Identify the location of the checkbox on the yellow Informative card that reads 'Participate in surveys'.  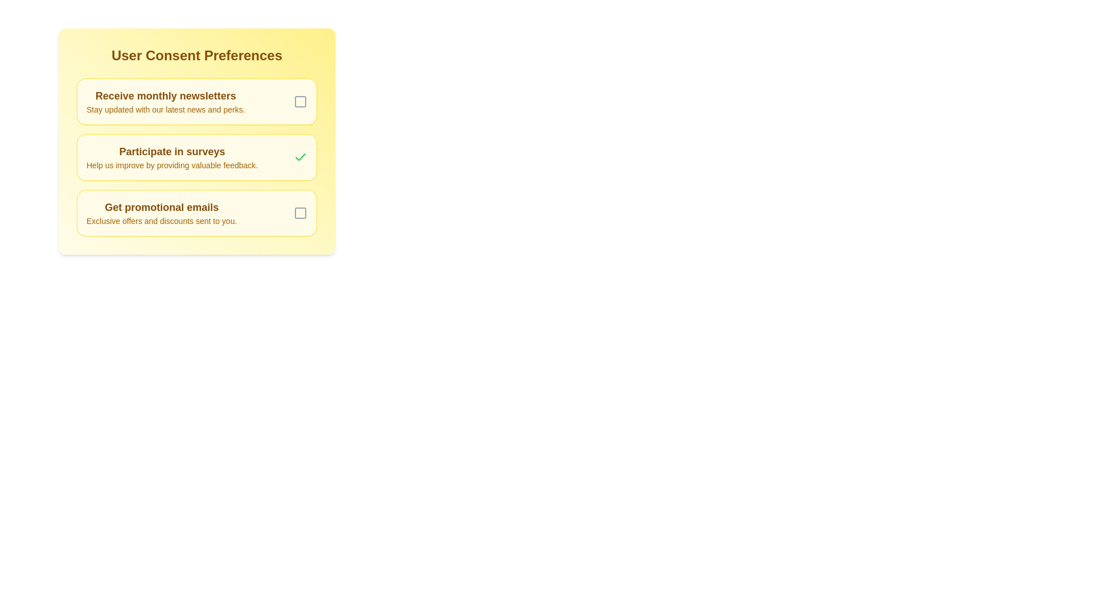
(196, 157).